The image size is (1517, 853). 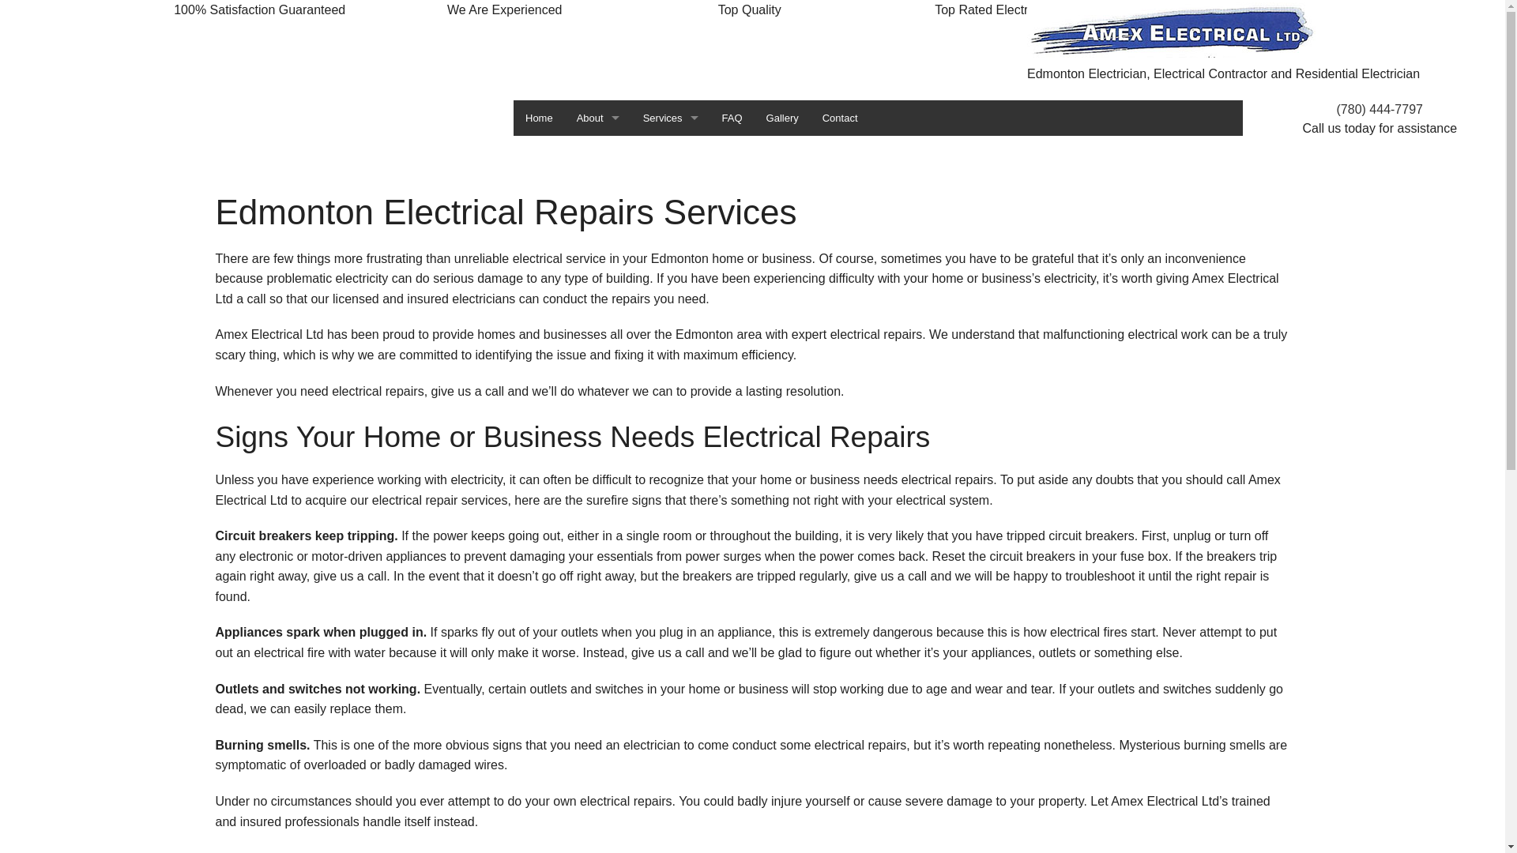 I want to click on '(780) 444-7797', so click(x=1379, y=108).